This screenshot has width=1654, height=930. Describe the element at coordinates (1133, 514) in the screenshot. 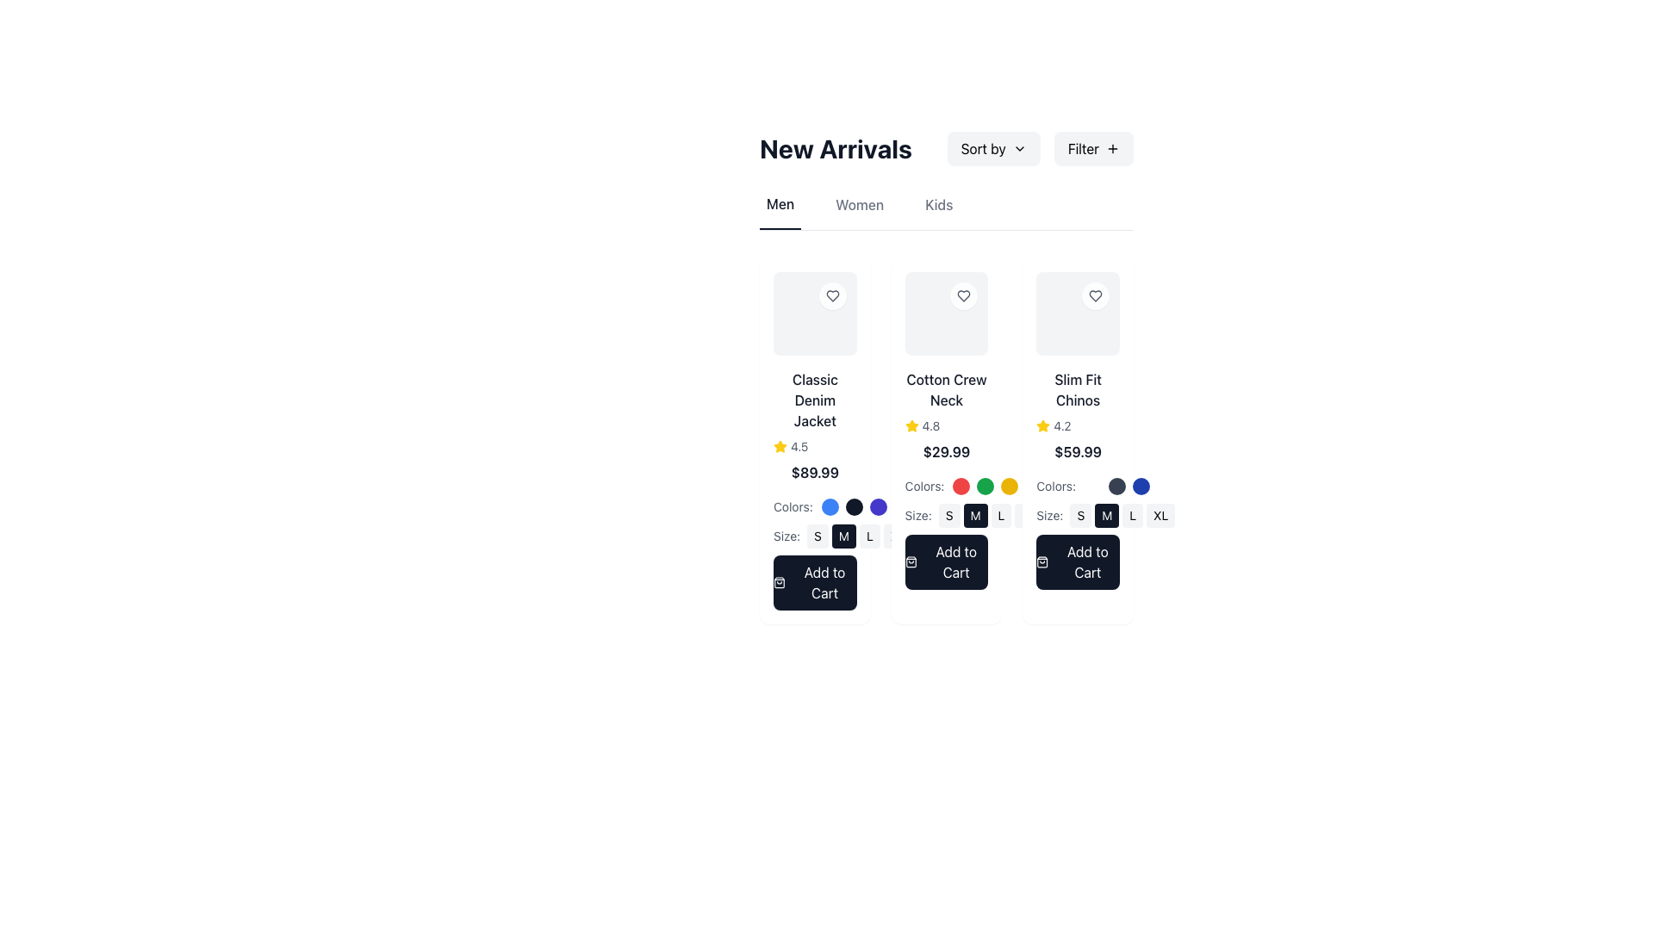

I see `the 'L' size button in the size selector group for the 'Slim Fit Chinos' product card` at that location.